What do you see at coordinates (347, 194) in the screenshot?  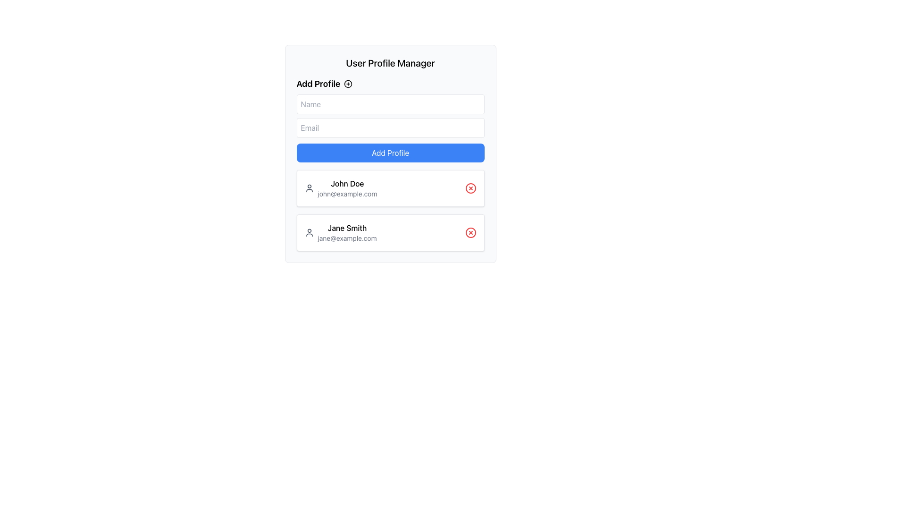 I see `the text label displaying the email address 'john@example.com', which is located directly below the name 'John Doe' in the user profile entry` at bounding box center [347, 194].